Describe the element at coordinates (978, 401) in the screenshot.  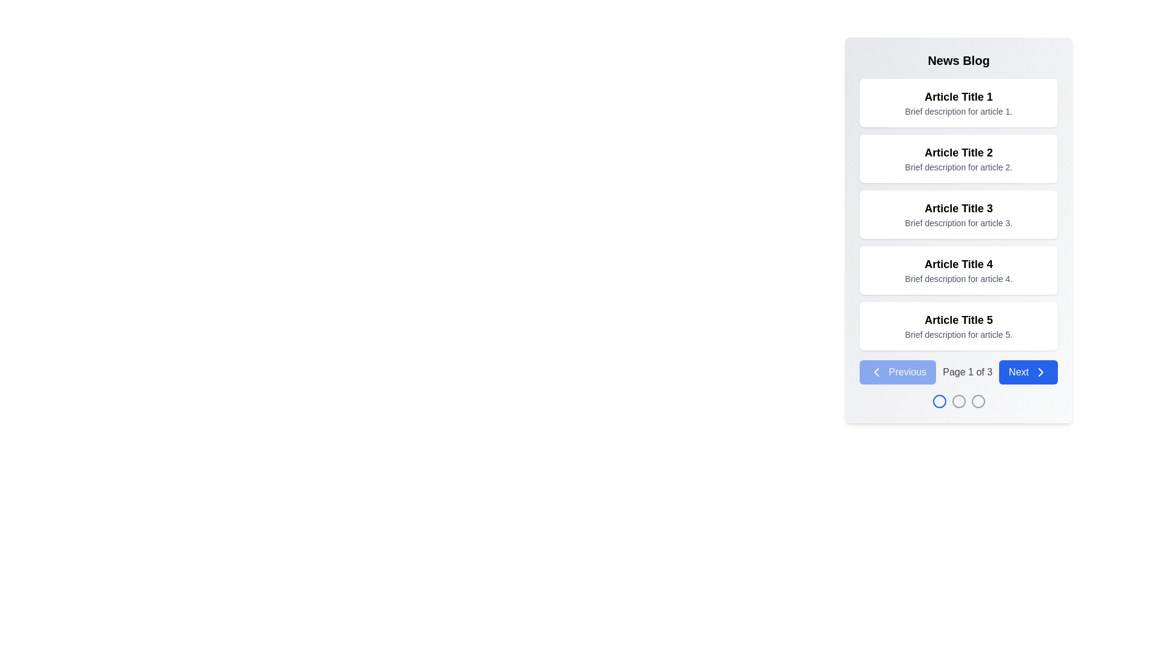
I see `the third circle in the pagination controls` at that location.